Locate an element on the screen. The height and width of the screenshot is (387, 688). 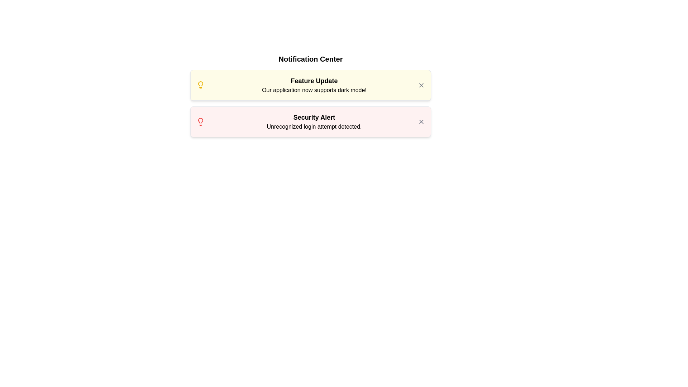
informational text regarding suspicious activity related to the user's account, located in the 'Security Alert' notification block in the Notification Center is located at coordinates (314, 126).